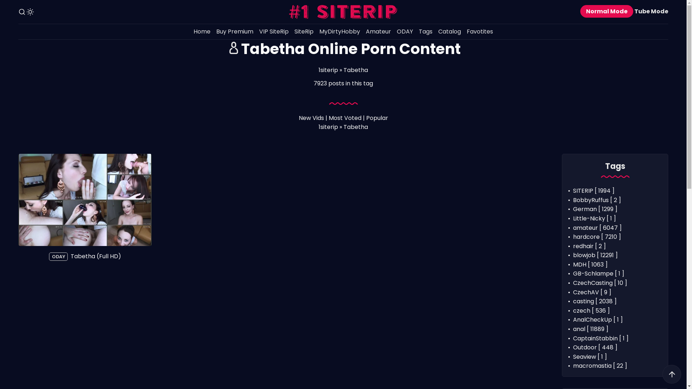  I want to click on 'Light Theme', so click(30, 12).